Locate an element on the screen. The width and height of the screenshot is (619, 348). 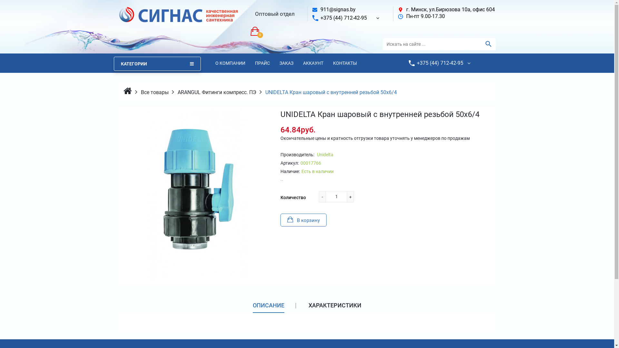
'911@signas.by' is located at coordinates (320, 9).